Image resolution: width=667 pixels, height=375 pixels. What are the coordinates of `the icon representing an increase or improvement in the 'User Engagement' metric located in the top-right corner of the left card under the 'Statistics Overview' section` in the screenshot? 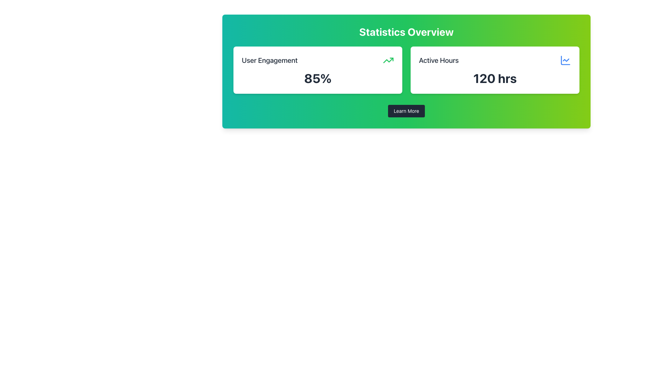 It's located at (388, 60).